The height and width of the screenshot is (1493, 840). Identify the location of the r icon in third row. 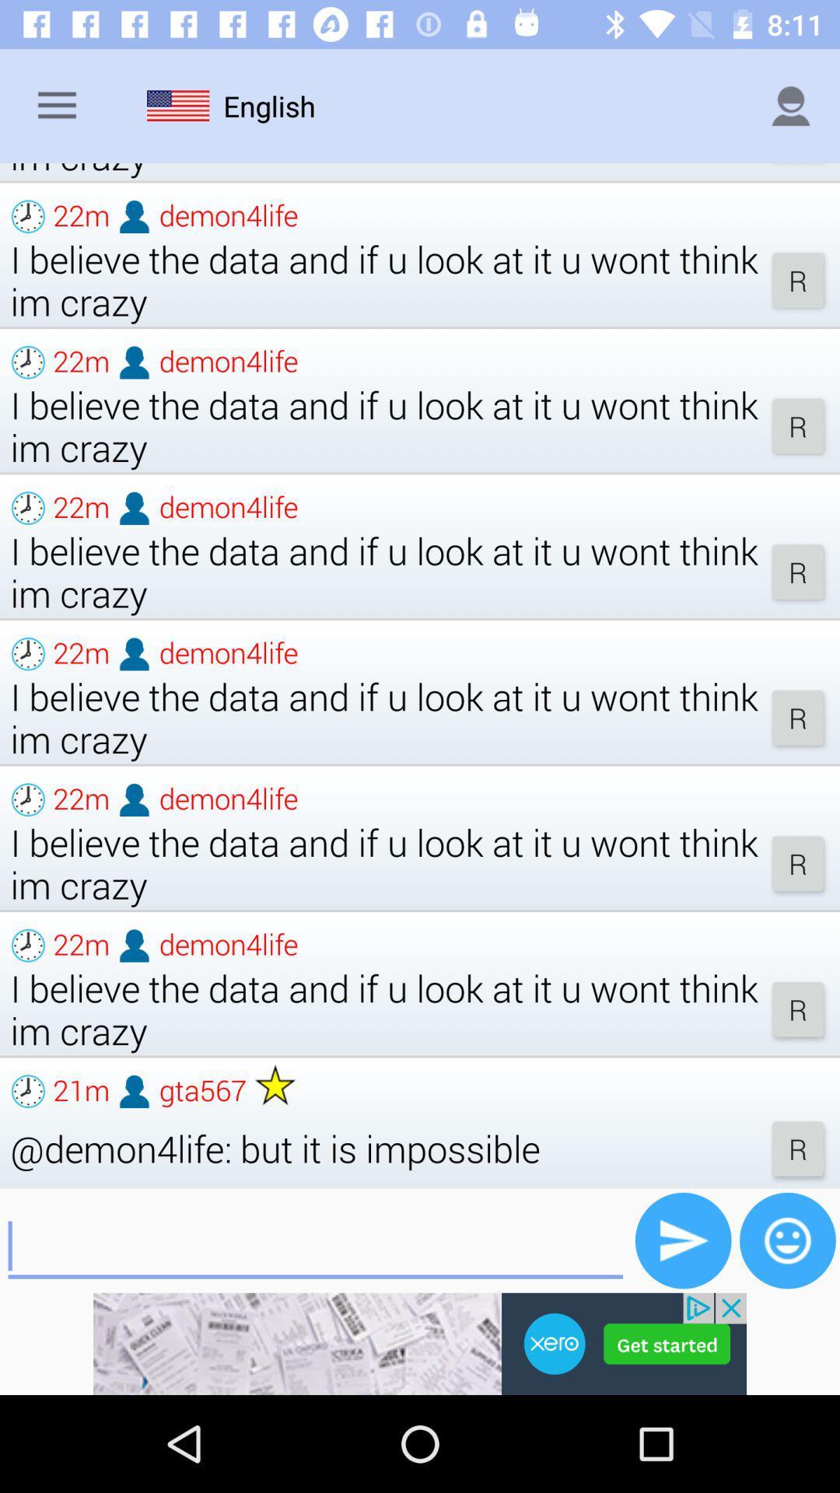
(798, 571).